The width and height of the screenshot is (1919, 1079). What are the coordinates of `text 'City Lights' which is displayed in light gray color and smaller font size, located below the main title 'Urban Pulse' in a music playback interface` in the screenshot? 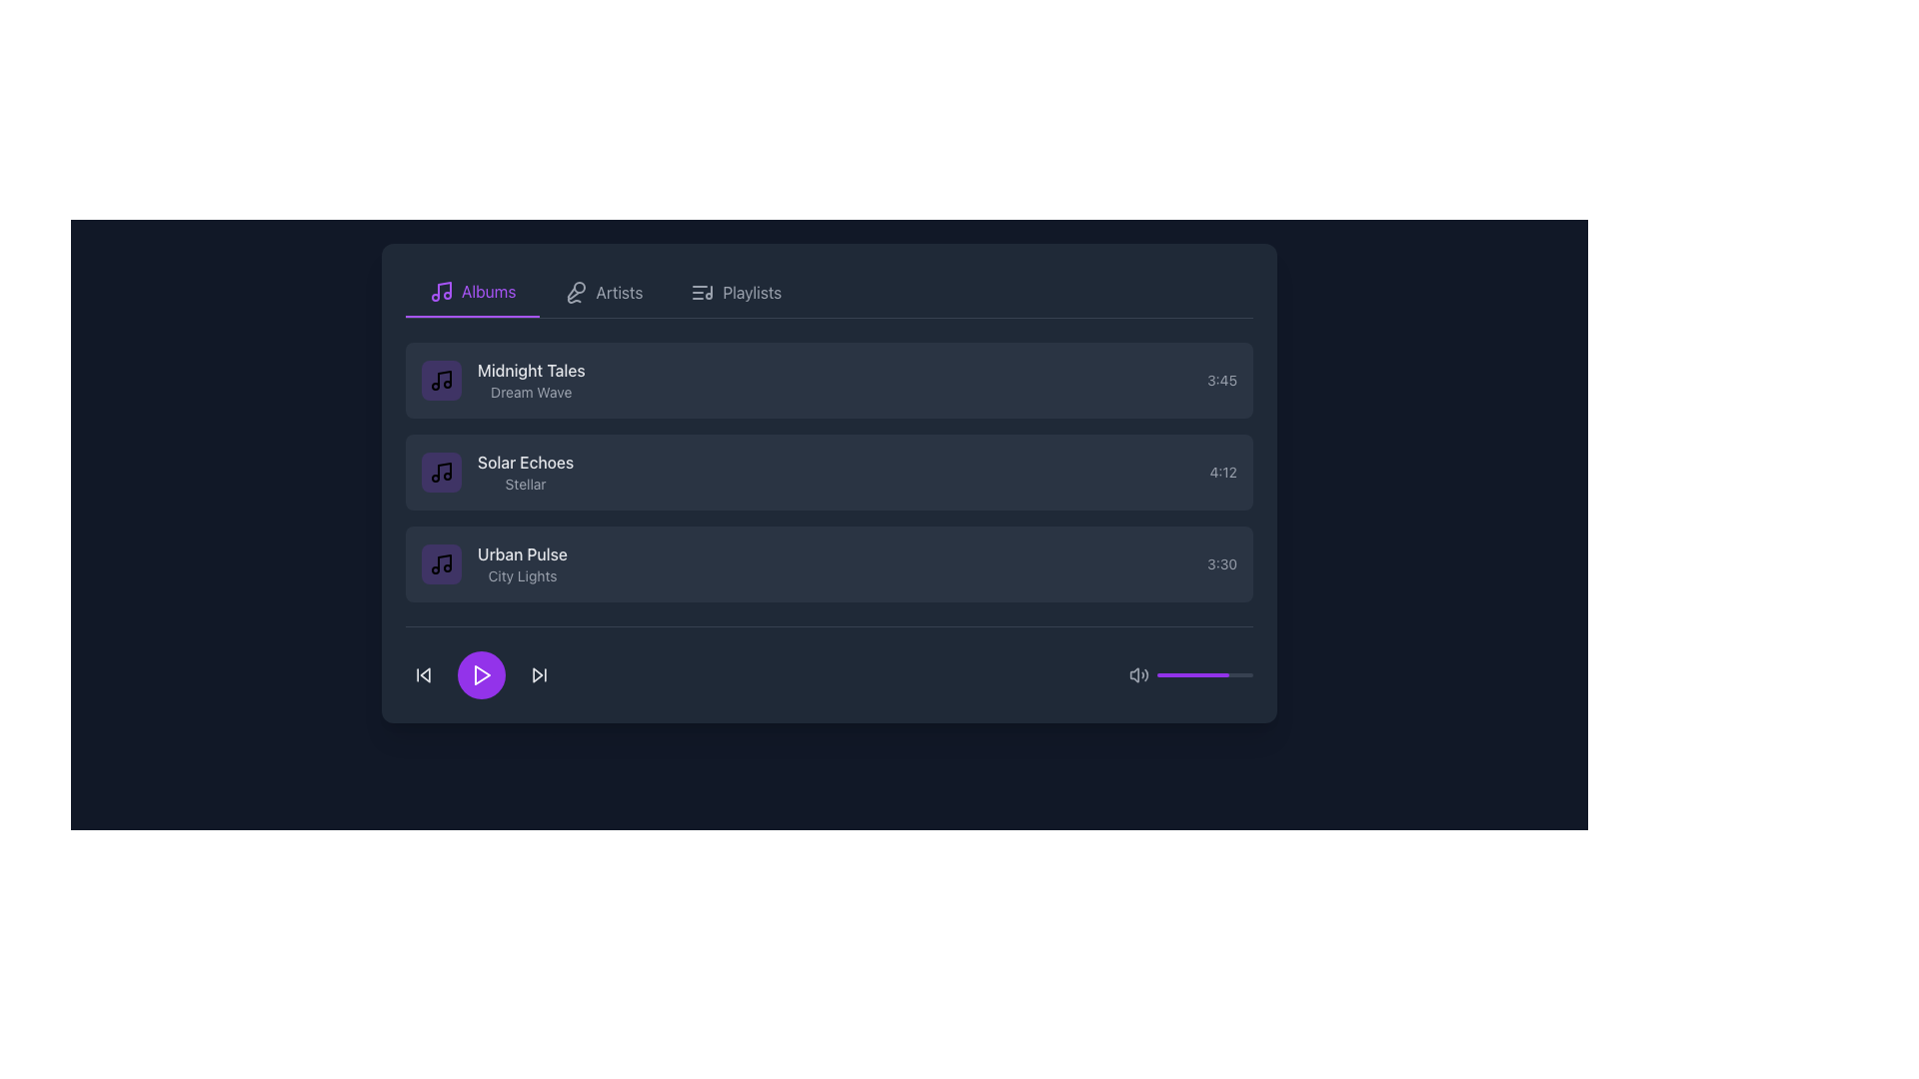 It's located at (523, 576).